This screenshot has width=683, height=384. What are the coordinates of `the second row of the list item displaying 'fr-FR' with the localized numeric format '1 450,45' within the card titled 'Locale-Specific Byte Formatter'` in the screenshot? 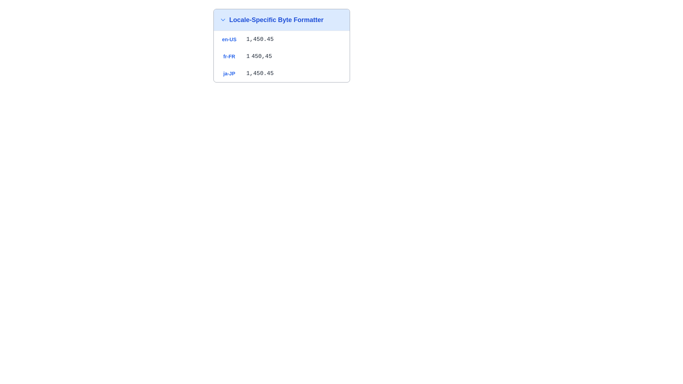 It's located at (281, 56).